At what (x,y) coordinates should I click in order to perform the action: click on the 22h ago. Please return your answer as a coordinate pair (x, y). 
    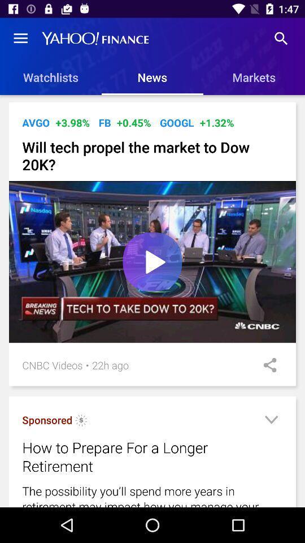
    Looking at the image, I should click on (110, 364).